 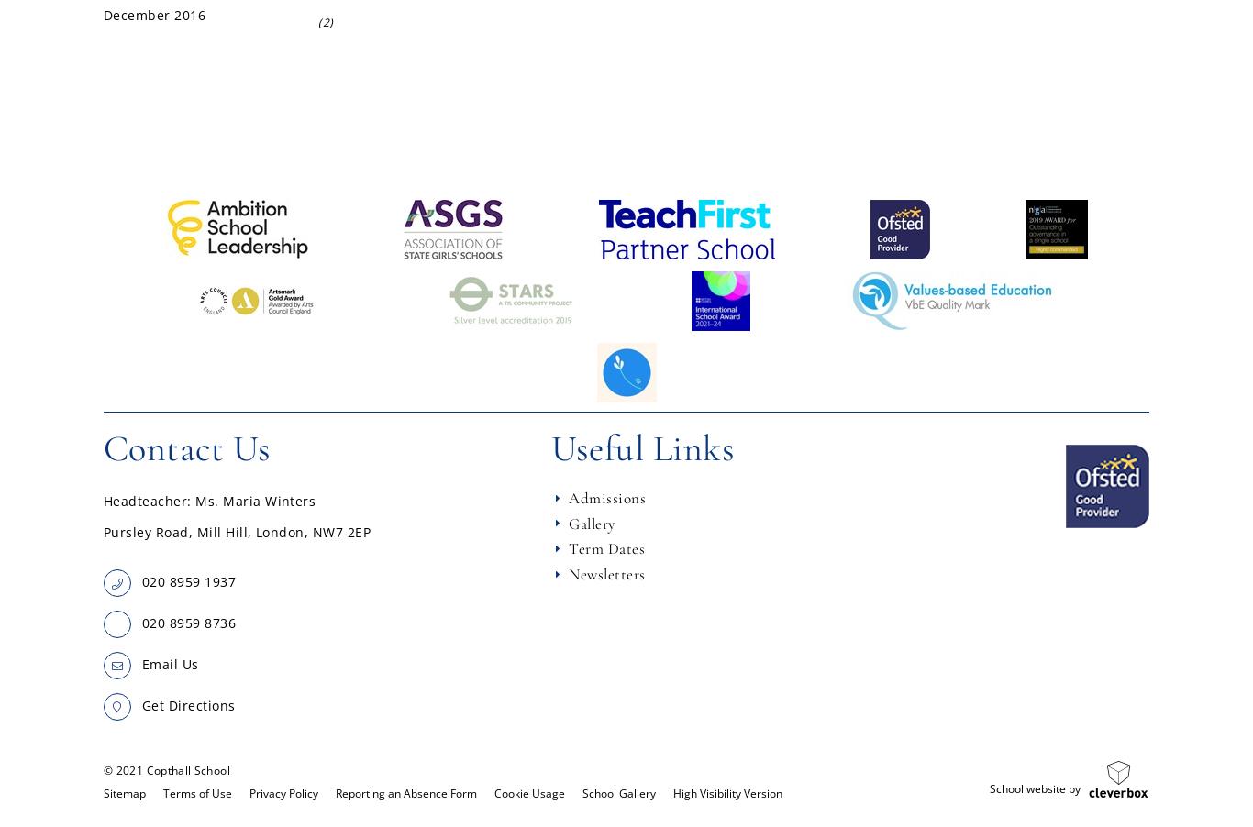 What do you see at coordinates (169, 664) in the screenshot?
I see `'Email Us'` at bounding box center [169, 664].